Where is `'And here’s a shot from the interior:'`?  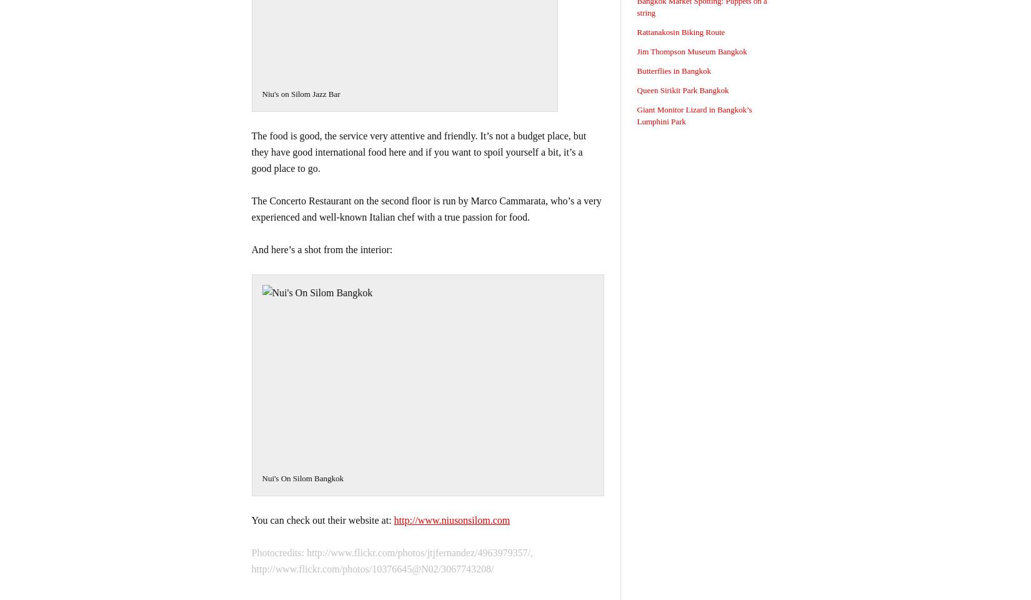 'And here’s a shot from the interior:' is located at coordinates (321, 249).